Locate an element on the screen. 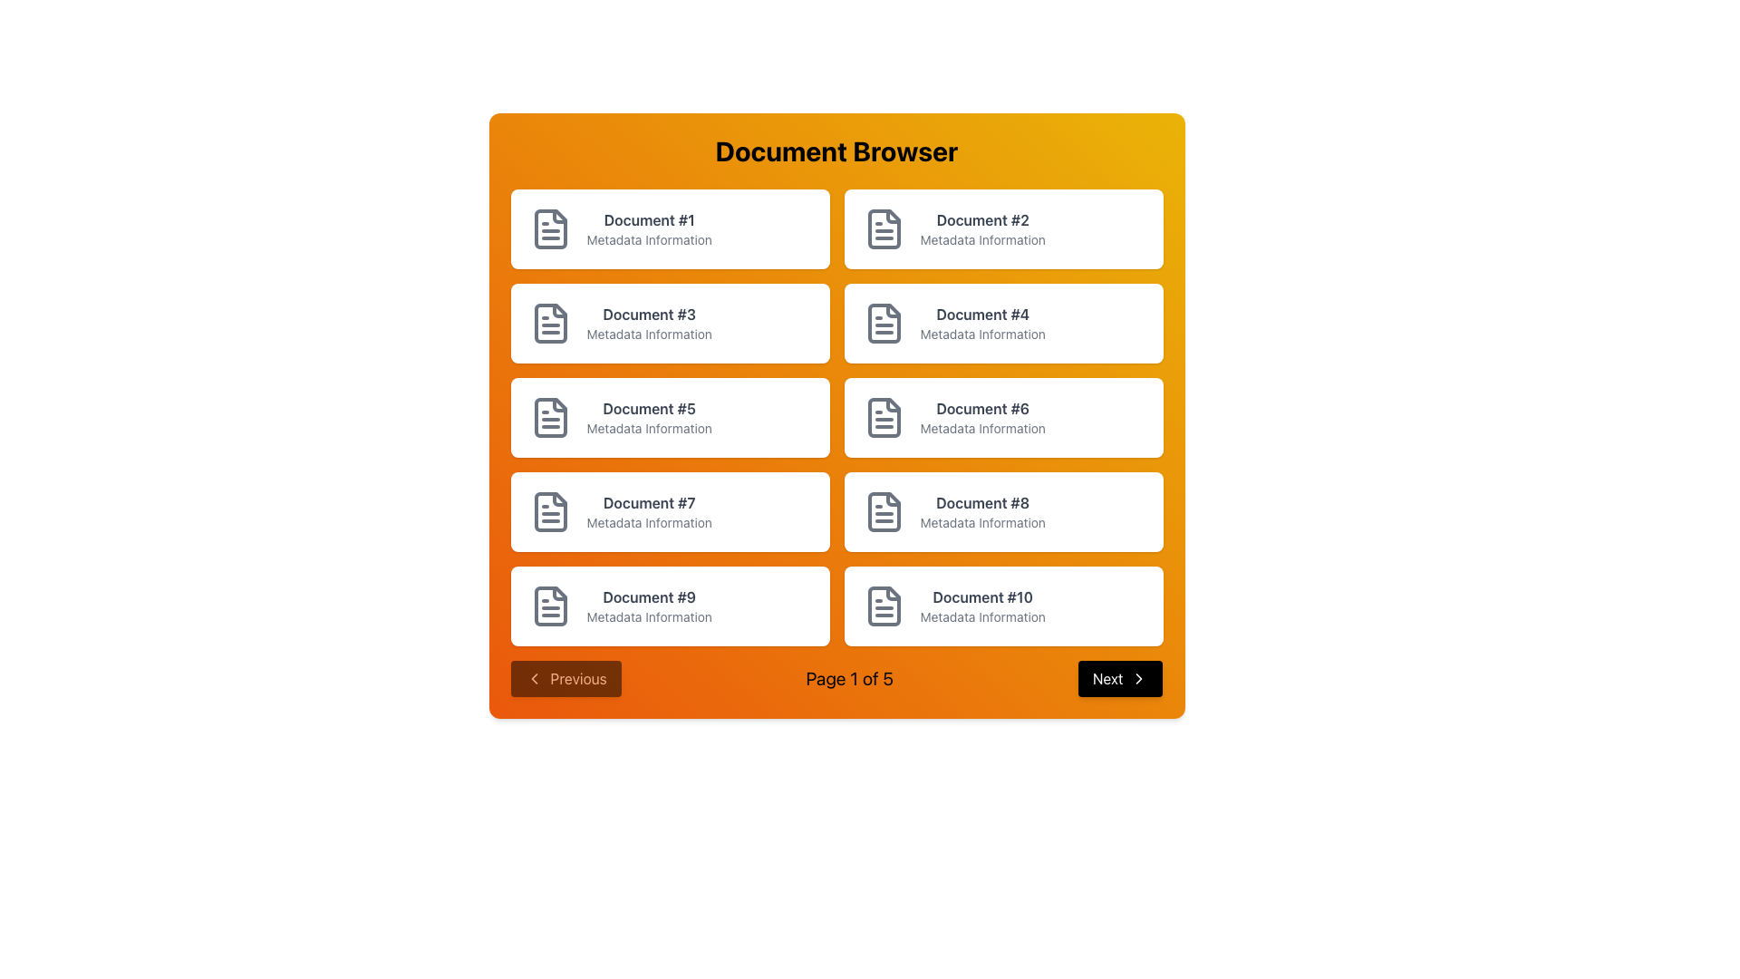 The height and width of the screenshot is (979, 1740). the file icon styled in gray with a document-like appearance, located to the left of the text 'Document #9 Metadata Information' is located at coordinates (549, 606).